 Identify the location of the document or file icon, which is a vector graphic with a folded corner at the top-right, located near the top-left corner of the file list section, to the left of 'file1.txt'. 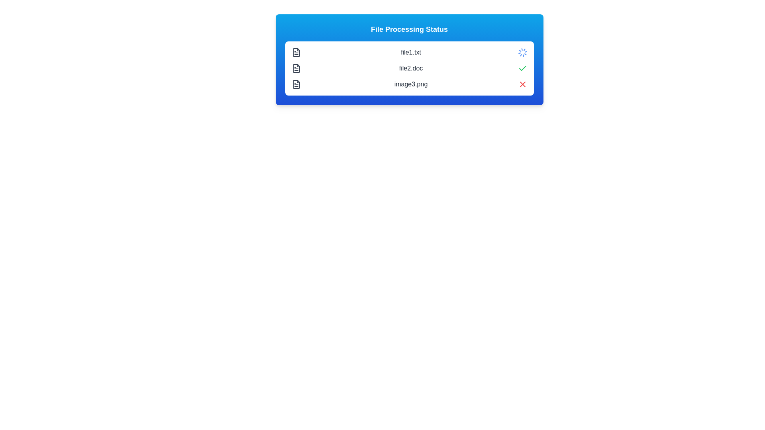
(296, 52).